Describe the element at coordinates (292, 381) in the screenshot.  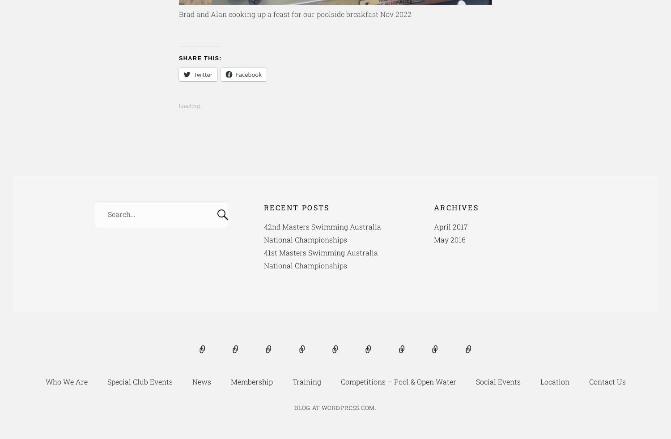
I see `'Training'` at that location.